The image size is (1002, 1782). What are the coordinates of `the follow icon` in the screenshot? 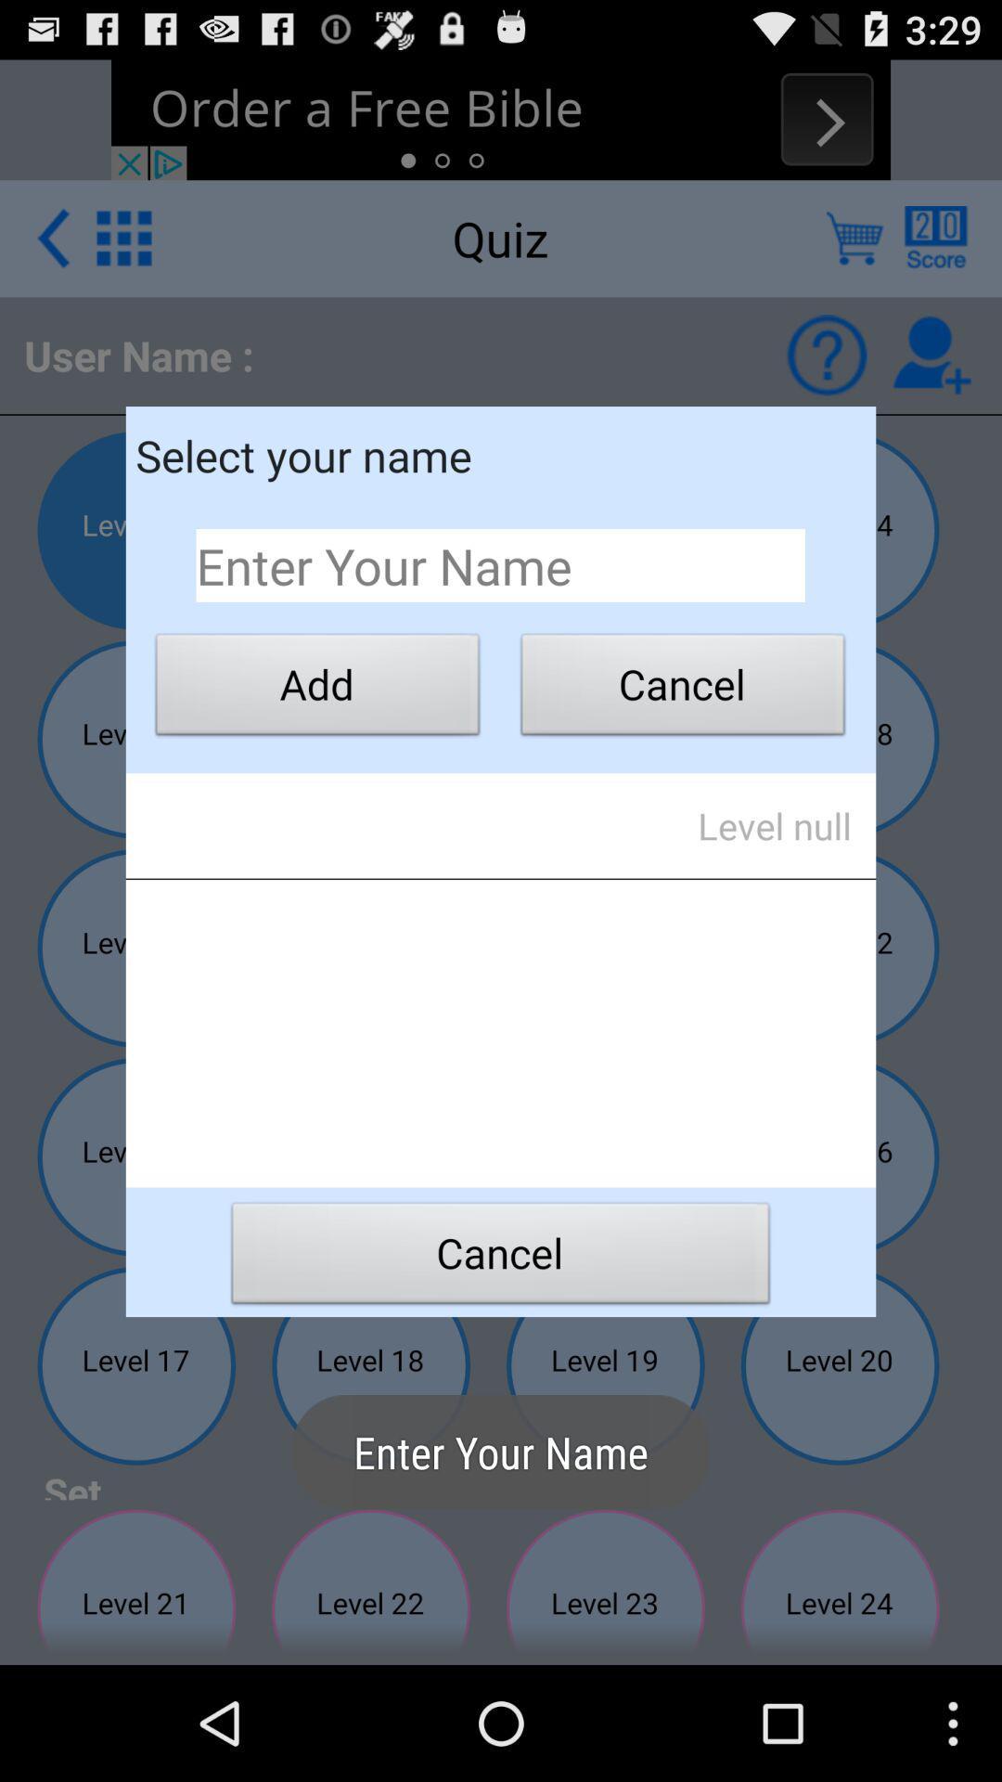 It's located at (931, 379).